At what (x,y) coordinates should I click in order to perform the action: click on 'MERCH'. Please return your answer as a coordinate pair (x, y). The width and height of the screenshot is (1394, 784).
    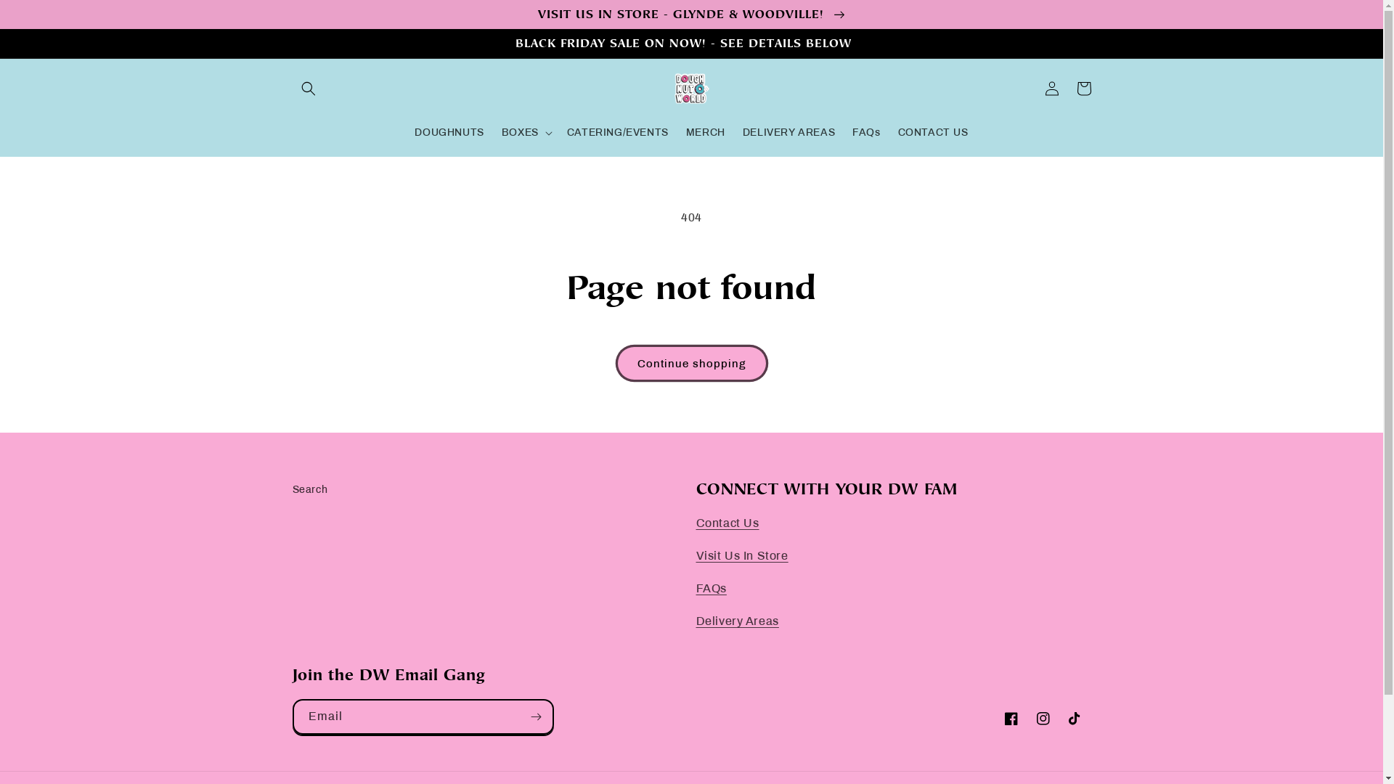
    Looking at the image, I should click on (706, 132).